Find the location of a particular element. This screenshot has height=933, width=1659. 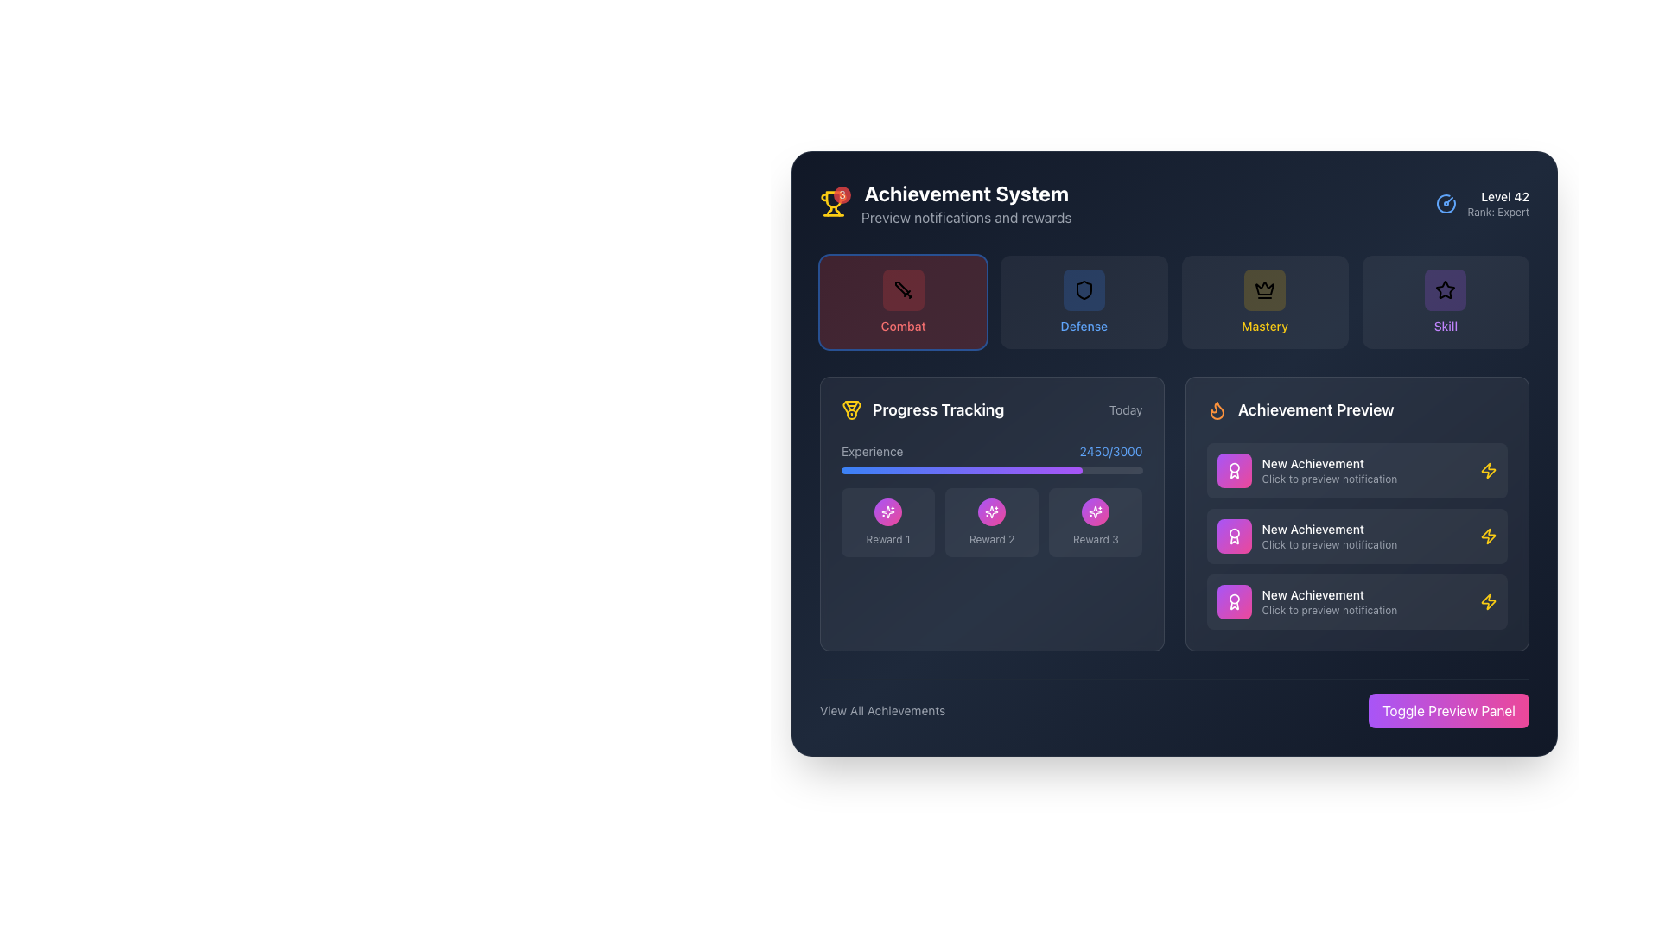

the explanatory label located under the title 'New Achievement' in the second notification card of the 'Achievement Preview' section is located at coordinates (1364, 545).